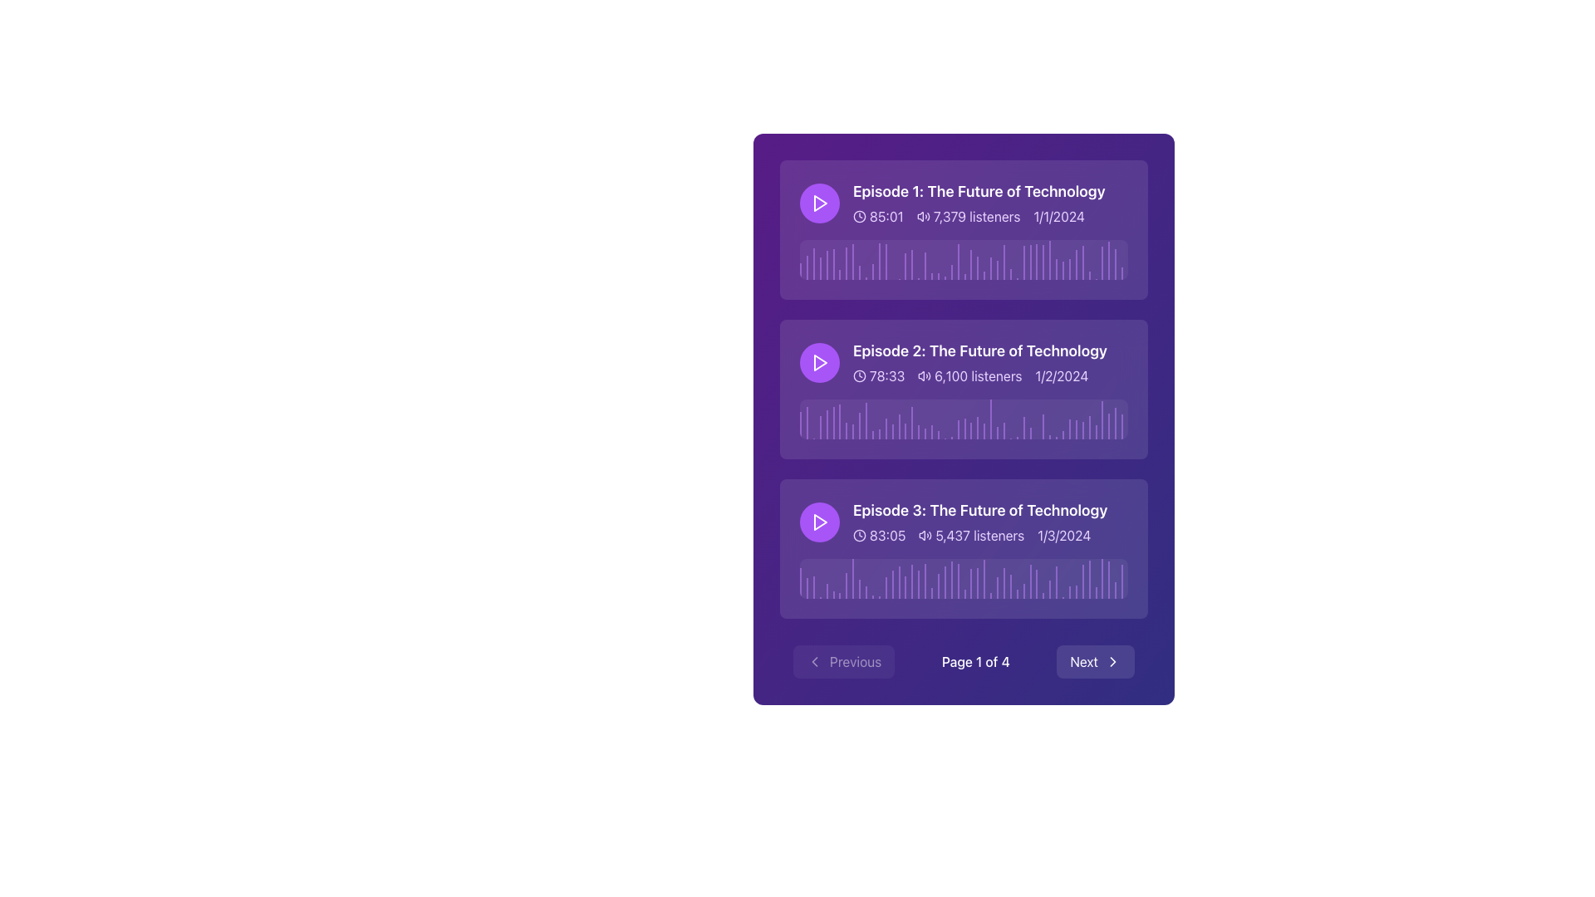  What do you see at coordinates (958, 429) in the screenshot?
I see `the timeline marker within the waveform visualization for 'Episode 2: The Future of Technology'` at bounding box center [958, 429].